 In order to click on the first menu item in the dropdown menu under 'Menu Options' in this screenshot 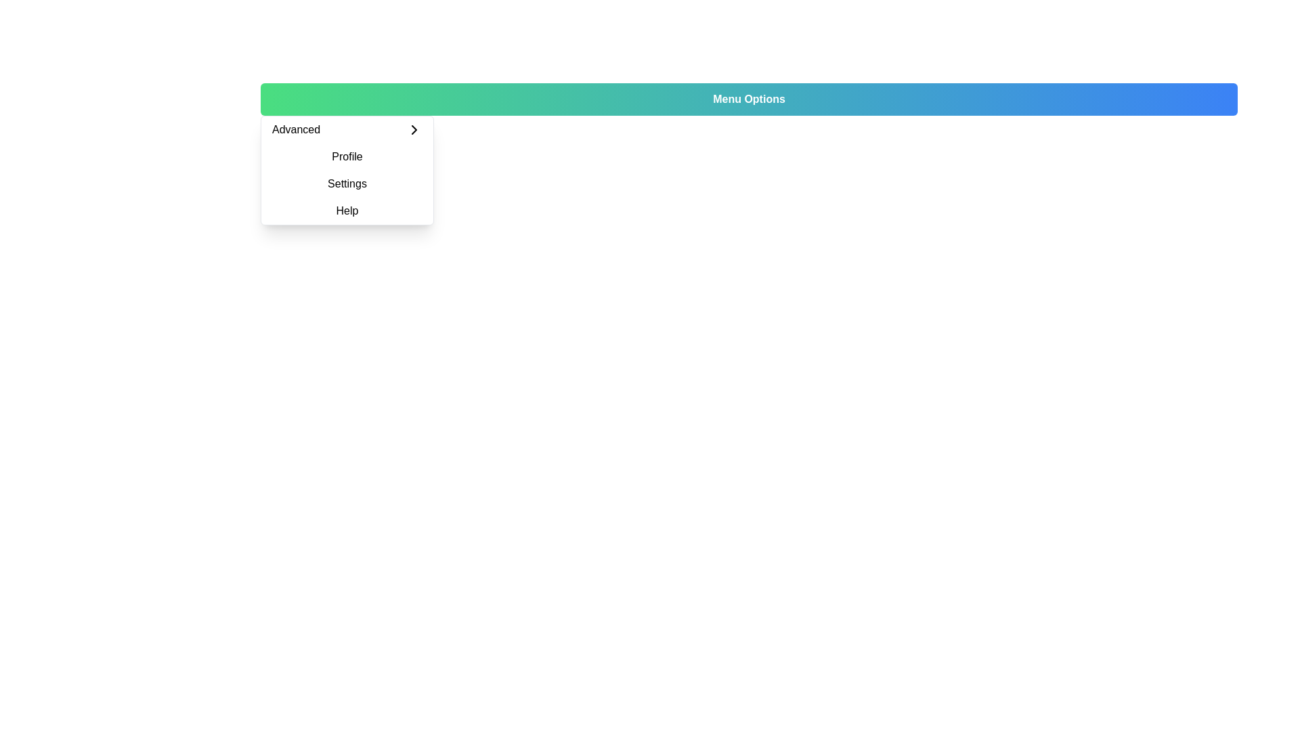, I will do `click(347, 130)`.